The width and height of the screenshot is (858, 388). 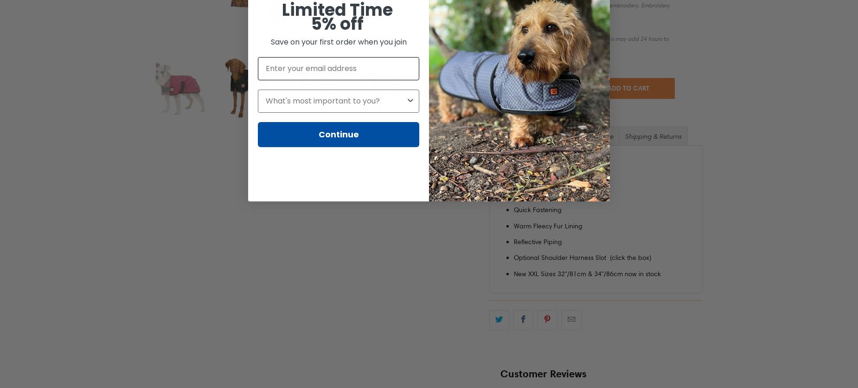 What do you see at coordinates (587, 272) in the screenshot?
I see `'New XXL Sizes 32"/81cm & 34"/86cm now in stock'` at bounding box center [587, 272].